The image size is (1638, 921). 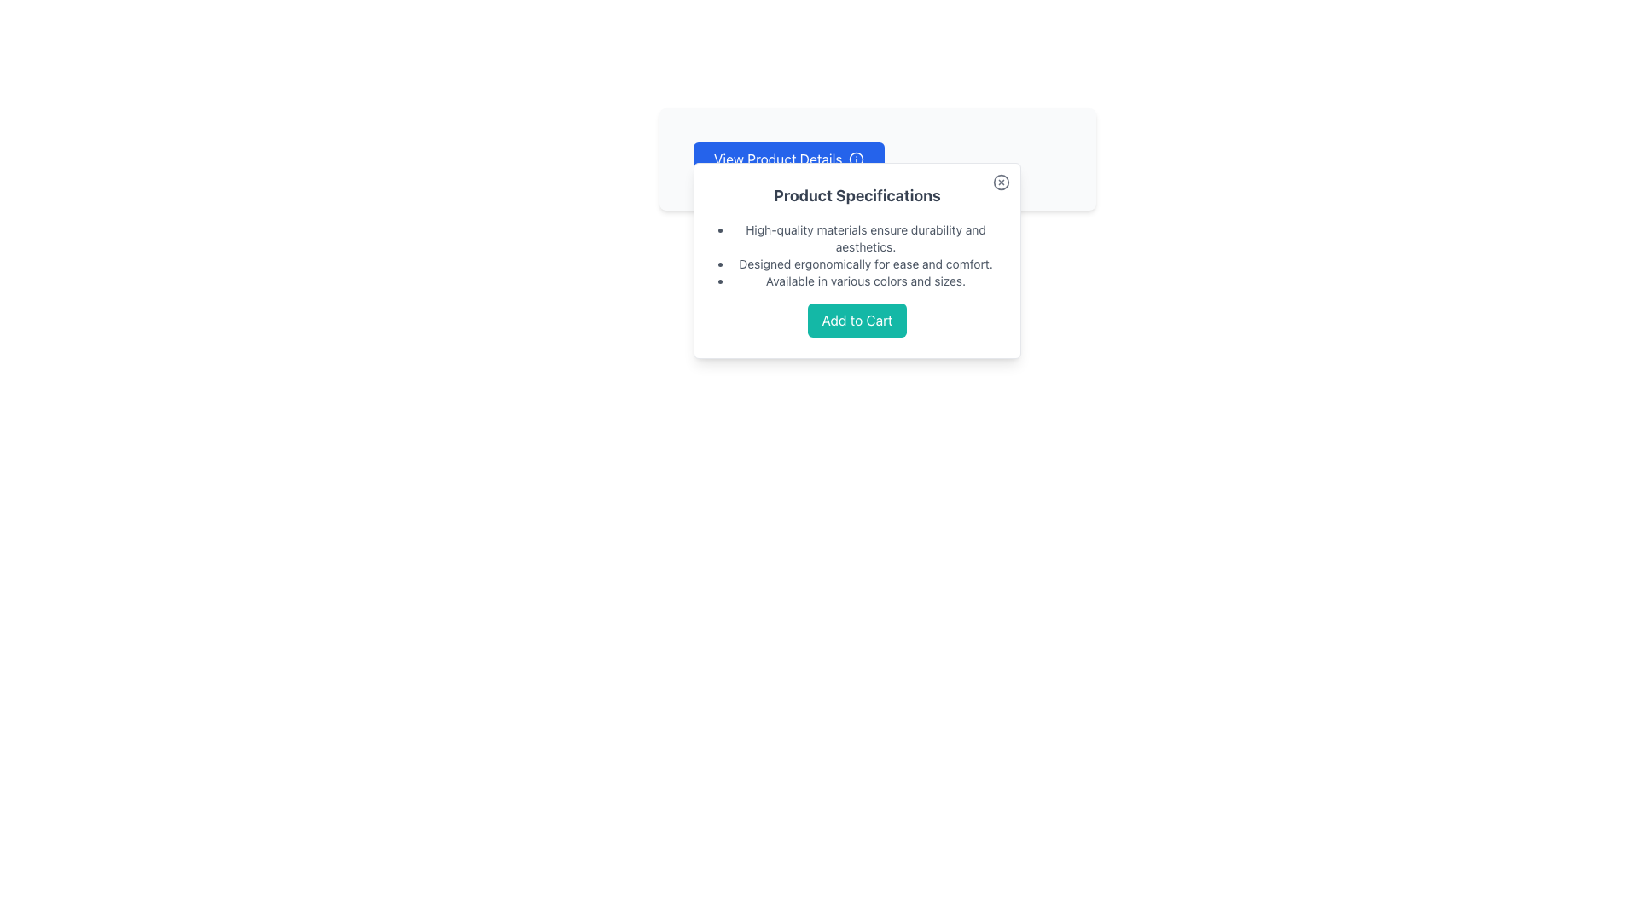 I want to click on the close button located in the top-right corner of the 'Product Specifications' modal, so click(x=1002, y=182).